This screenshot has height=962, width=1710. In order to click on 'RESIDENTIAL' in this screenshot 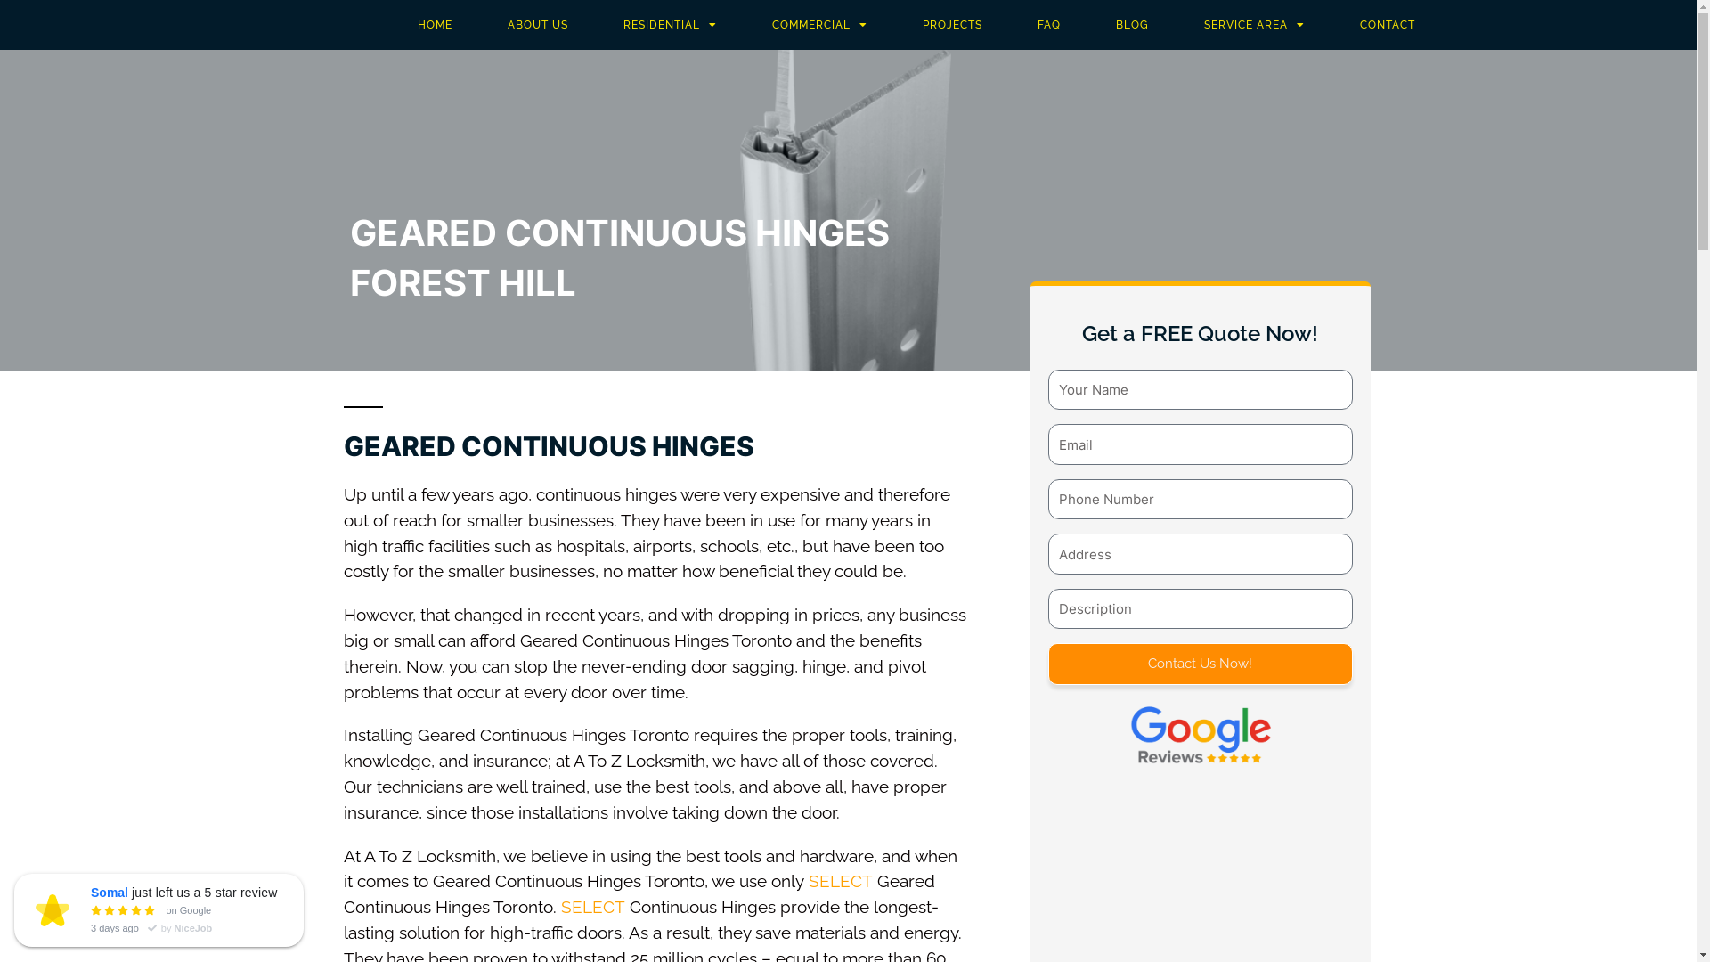, I will do `click(595, 24)`.